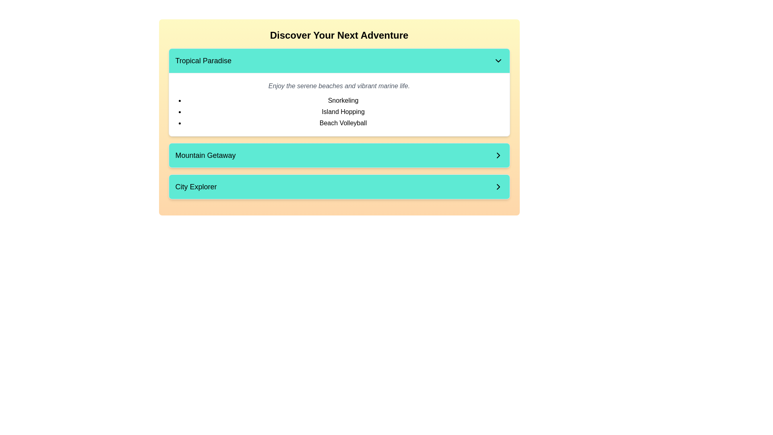 This screenshot has height=435, width=773. I want to click on the dropdown menu of the 'Tropical Paradise' information card, which is the first card in the list under 'Discover Your Next Adventure', so click(339, 92).